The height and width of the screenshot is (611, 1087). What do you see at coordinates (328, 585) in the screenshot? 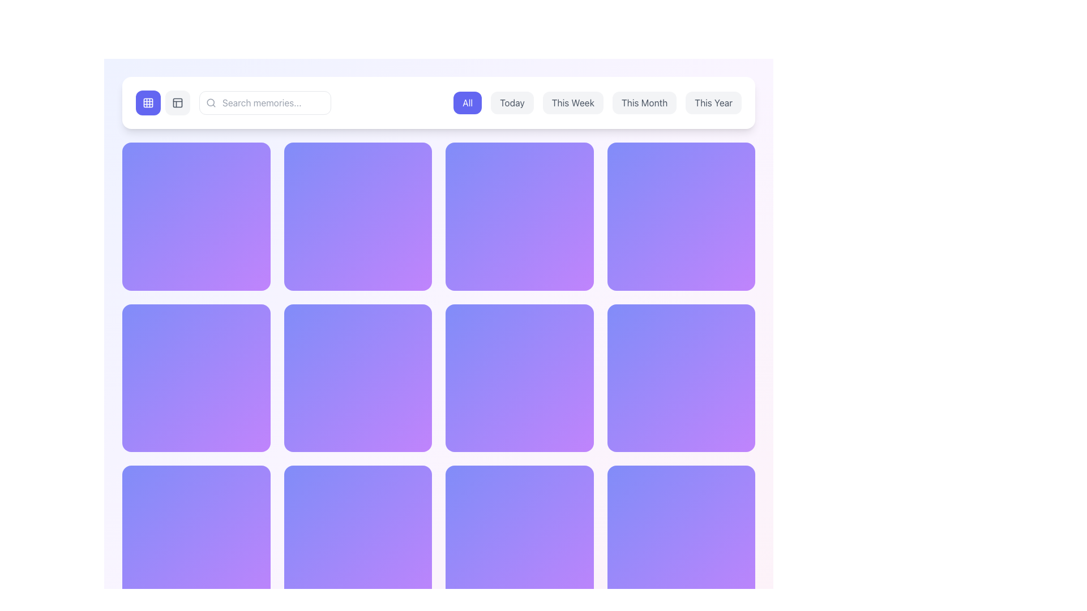
I see `text displayed in the element showing '2024-02-28', which is a small, semi-transparent white text located near the bottom of the page, to the right of a clock icon` at bounding box center [328, 585].